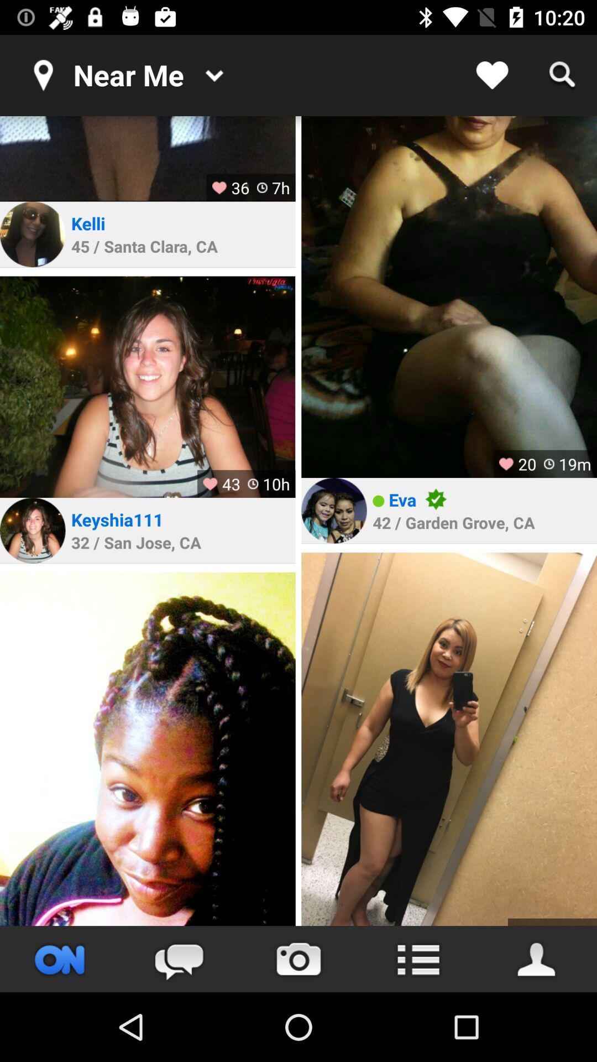  What do you see at coordinates (333, 510) in the screenshot?
I see `link to go to profile page` at bounding box center [333, 510].